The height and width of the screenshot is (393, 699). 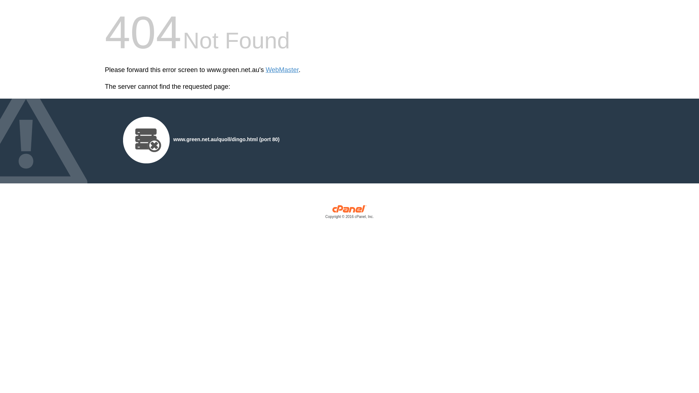 I want to click on 'WebMaster', so click(x=282, y=70).